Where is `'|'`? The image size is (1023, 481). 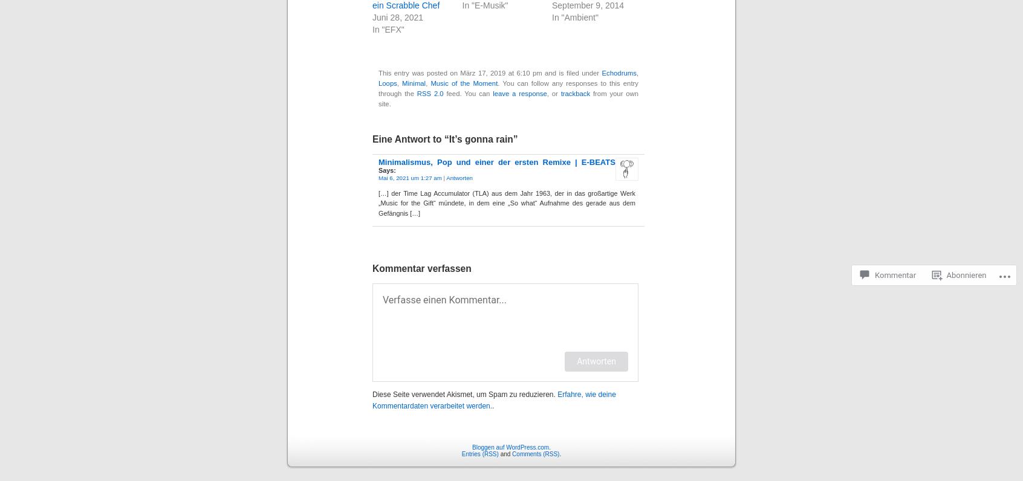
'|' is located at coordinates (443, 176).